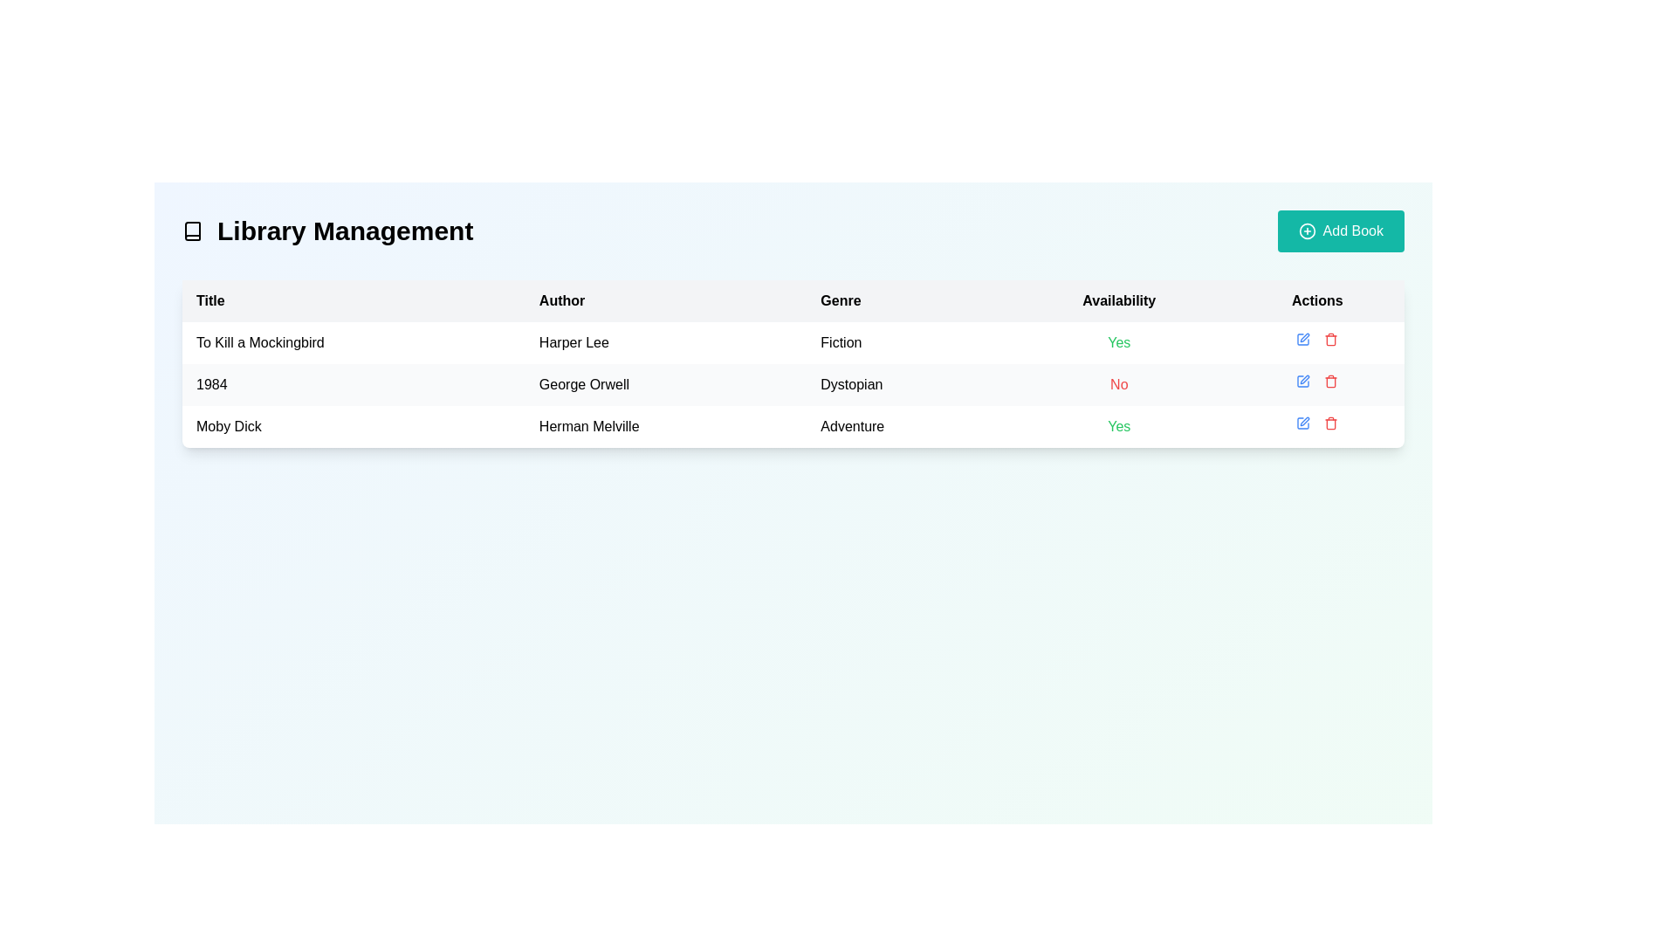 This screenshot has height=943, width=1676. What do you see at coordinates (1330, 380) in the screenshot?
I see `the delete icon located in the actions column of the second row of the table` at bounding box center [1330, 380].